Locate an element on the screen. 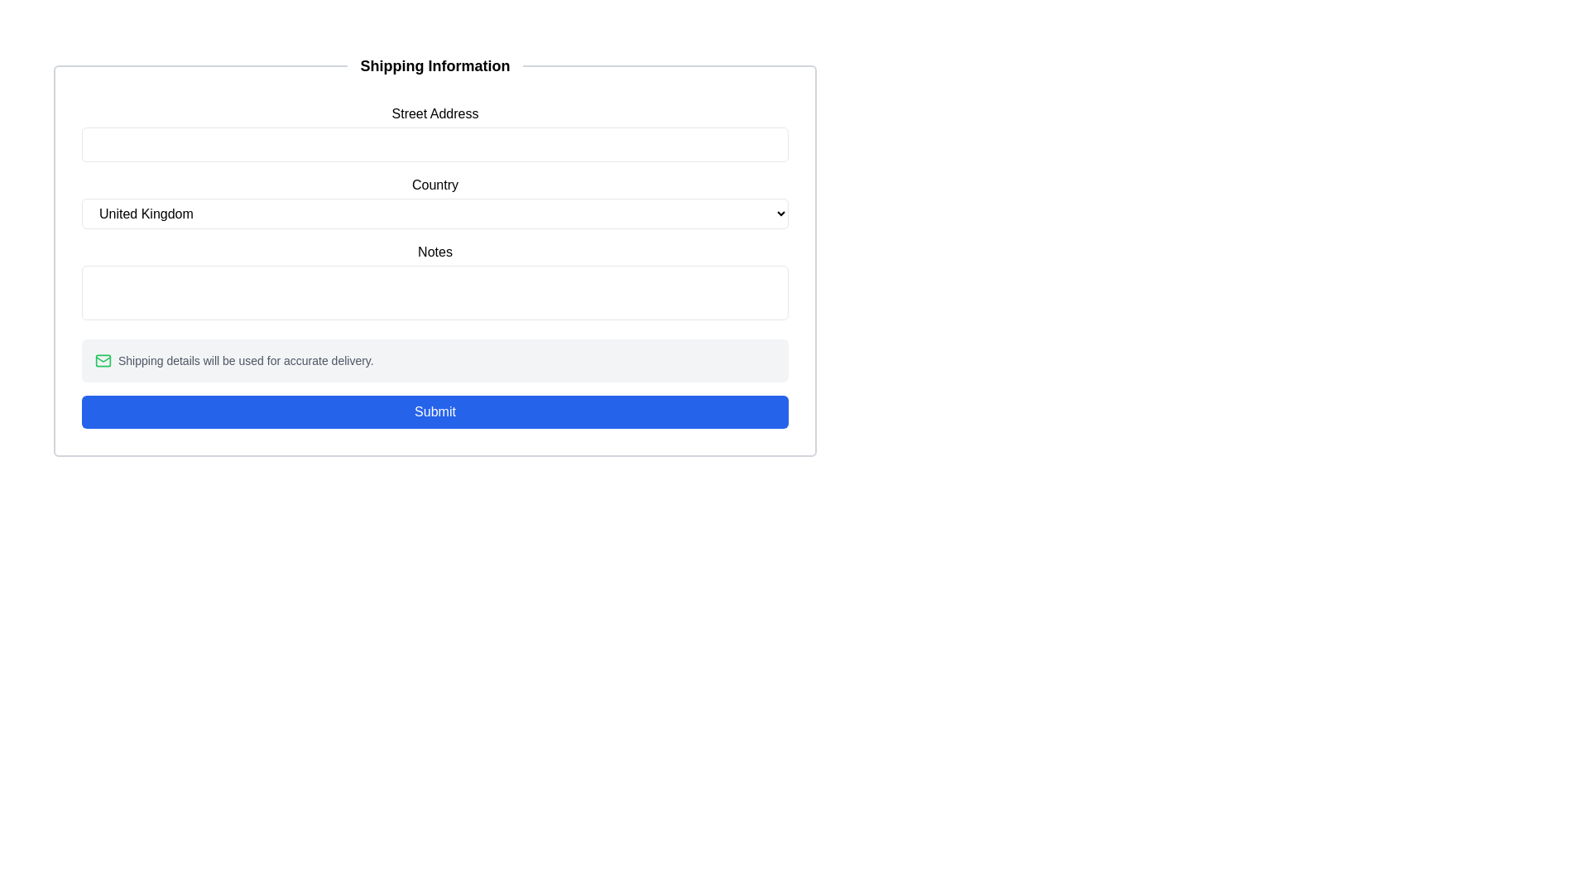  the mail icon styled with an outline in green color, located to the left of the text 'Shipping details will be used for accurate delivery.' is located at coordinates (102, 359).